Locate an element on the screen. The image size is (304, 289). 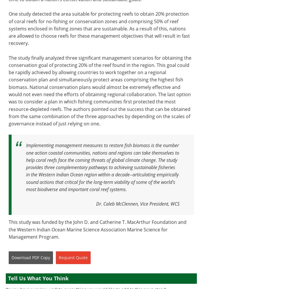
'The study finally analyzed three significant management scenarios for obtaining the conservation goal of protecting 20% of the reef found in the region. This goal could be rapidly achieved by allowing countries to work together on a regional conservation plan and simultaneously protect areas comprising the highest fish biomass. National conservation plans would almost be extremely effective and would not even need the efforts of obtaining regional collaboration. The last option was to consider a plan in which fishing communities first protected the most resource-depleted reefs. The authors pointed out the success that can be obtained from the same combination of the three approaches by depending on the scales of governance instead of just relying on one.' is located at coordinates (100, 90).